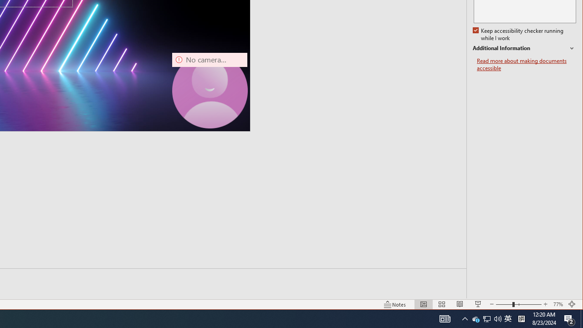  I want to click on 'Camera 7, No camera detected.', so click(209, 90).